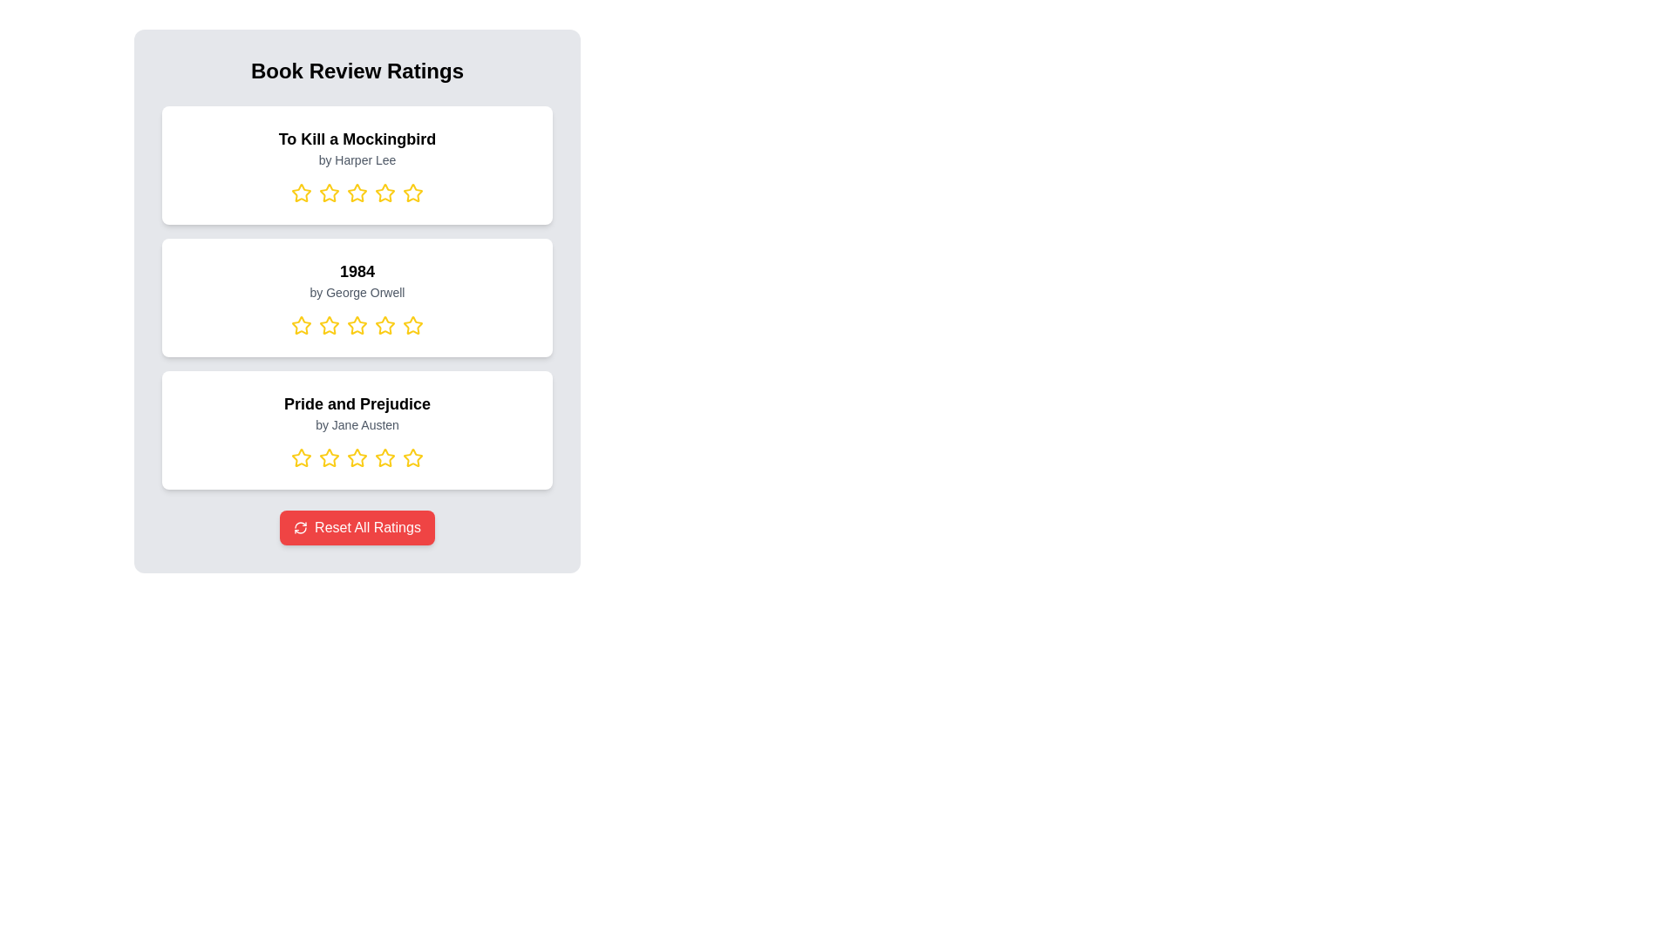 The height and width of the screenshot is (941, 1674). What do you see at coordinates (330, 457) in the screenshot?
I see `the rating for a book by selecting 2 stars for the book titled Pride and Prejudice` at bounding box center [330, 457].